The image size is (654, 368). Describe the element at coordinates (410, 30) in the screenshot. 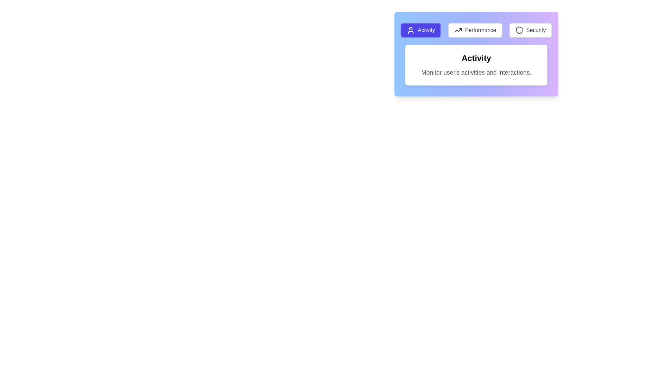

I see `the user activity icon inside the purple 'Activity' button` at that location.